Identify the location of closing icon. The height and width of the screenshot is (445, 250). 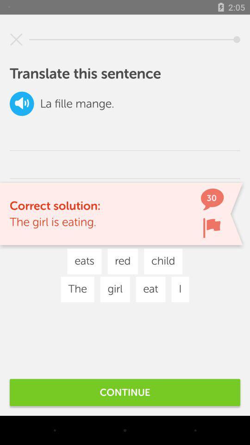
(16, 39).